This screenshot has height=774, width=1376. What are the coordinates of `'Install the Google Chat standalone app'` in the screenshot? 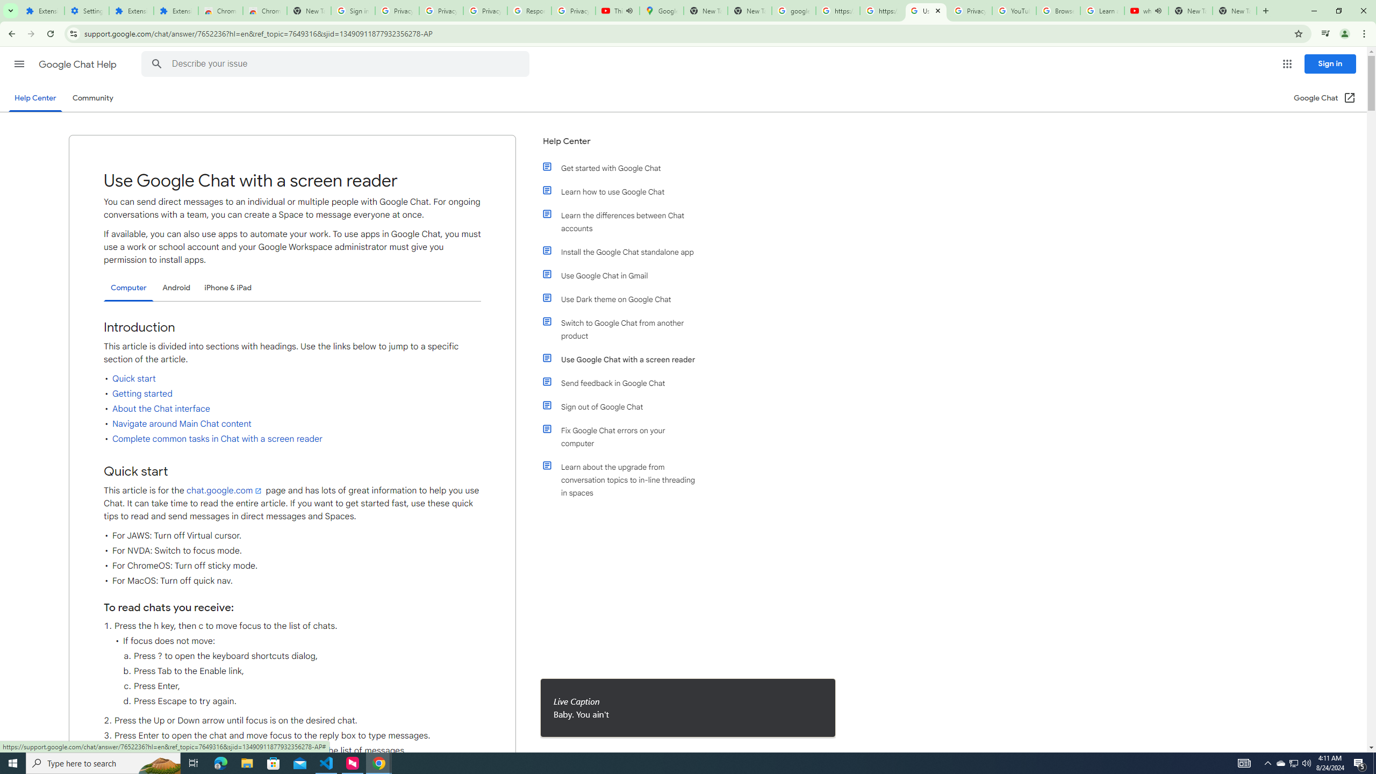 It's located at (625, 251).